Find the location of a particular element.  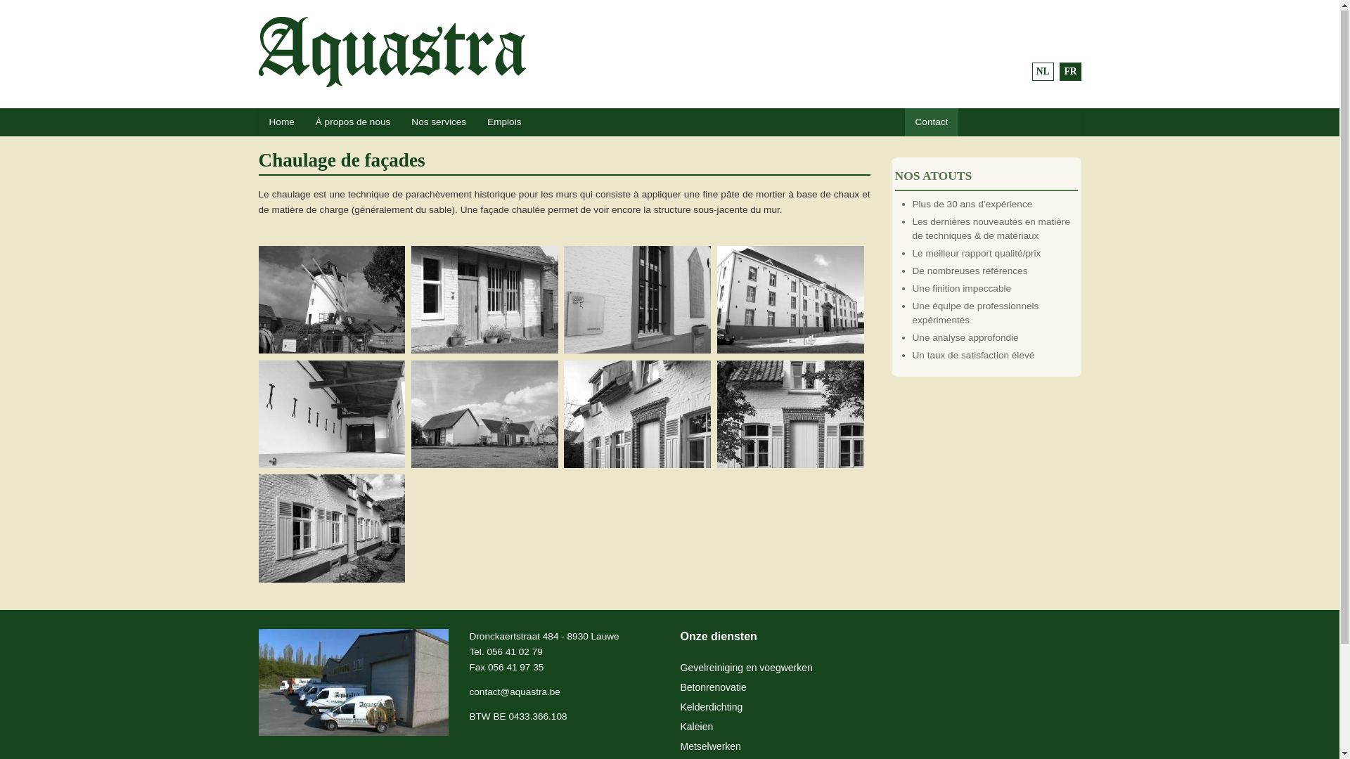

'Metselwerken' is located at coordinates (681, 746).